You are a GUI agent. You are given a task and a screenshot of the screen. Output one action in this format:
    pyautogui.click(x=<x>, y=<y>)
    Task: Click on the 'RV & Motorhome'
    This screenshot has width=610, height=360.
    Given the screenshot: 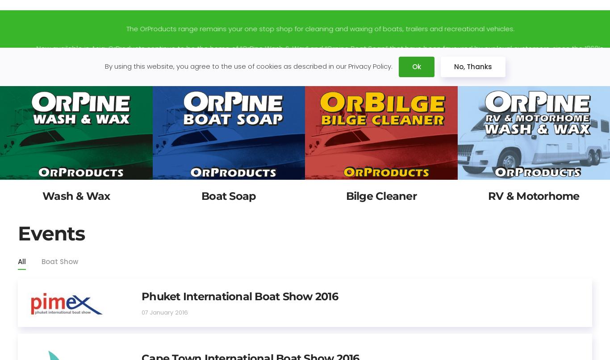 What is the action you would take?
    pyautogui.click(x=487, y=195)
    